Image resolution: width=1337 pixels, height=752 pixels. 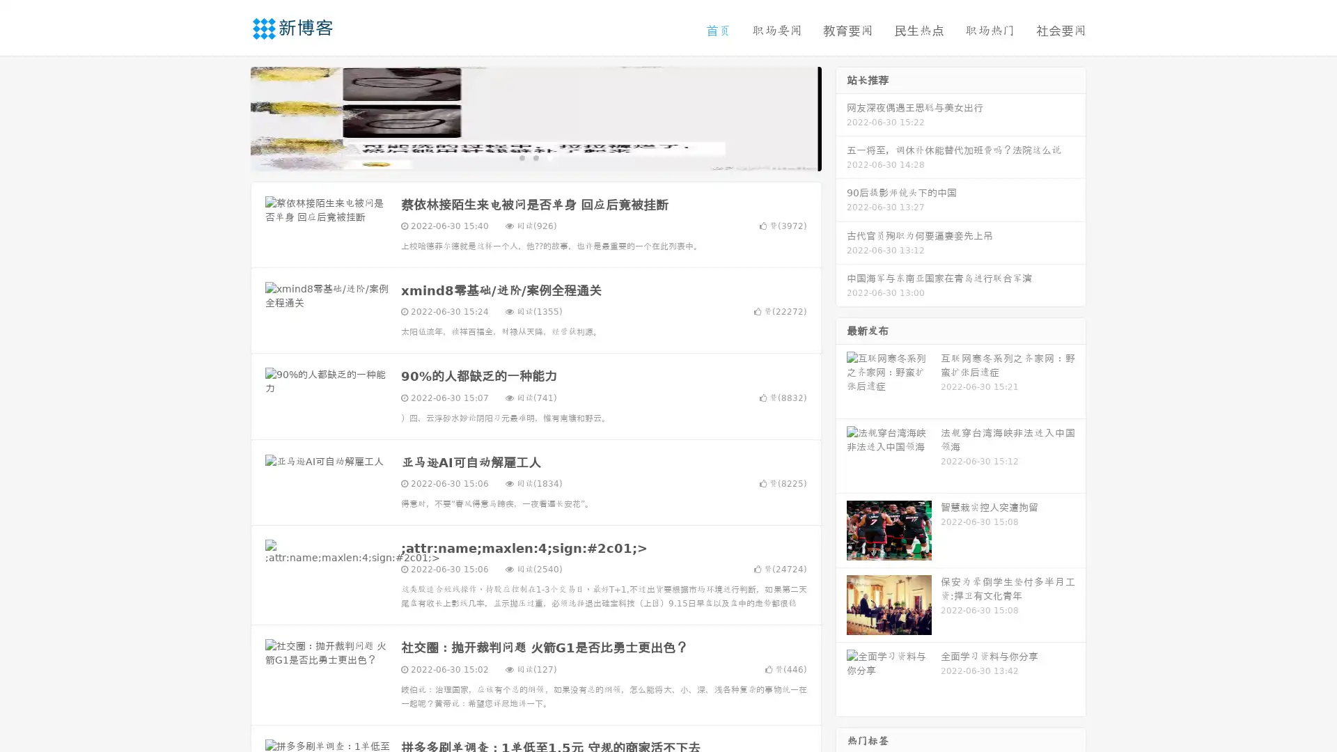 I want to click on Go to slide 1, so click(x=521, y=157).